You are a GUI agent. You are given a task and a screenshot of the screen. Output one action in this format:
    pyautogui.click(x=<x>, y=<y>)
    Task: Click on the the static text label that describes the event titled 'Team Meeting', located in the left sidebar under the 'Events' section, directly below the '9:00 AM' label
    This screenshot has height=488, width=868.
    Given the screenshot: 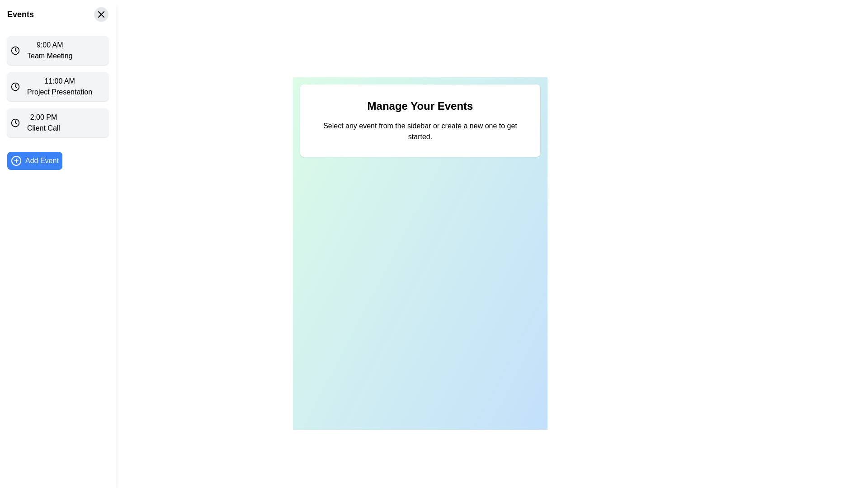 What is the action you would take?
    pyautogui.click(x=49, y=56)
    